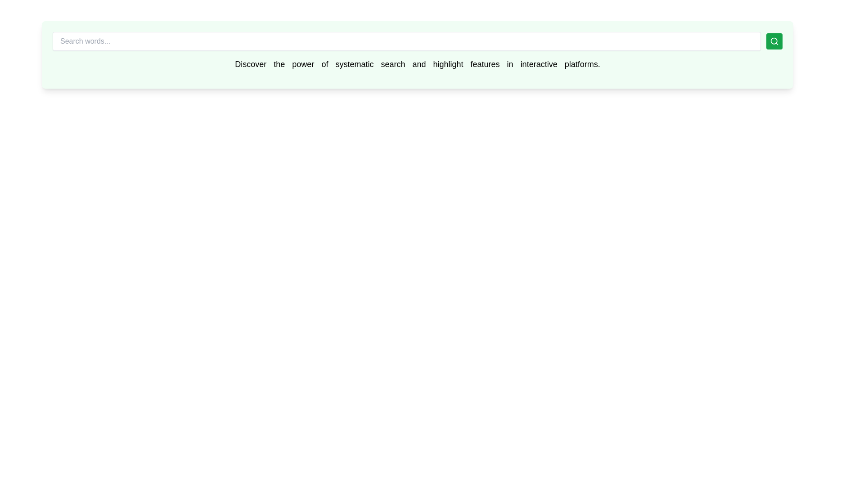 The height and width of the screenshot is (486, 864). Describe the element at coordinates (303, 63) in the screenshot. I see `the text segment displaying the word 'power' in black font, which changes the background to light green when hovered over` at that location.